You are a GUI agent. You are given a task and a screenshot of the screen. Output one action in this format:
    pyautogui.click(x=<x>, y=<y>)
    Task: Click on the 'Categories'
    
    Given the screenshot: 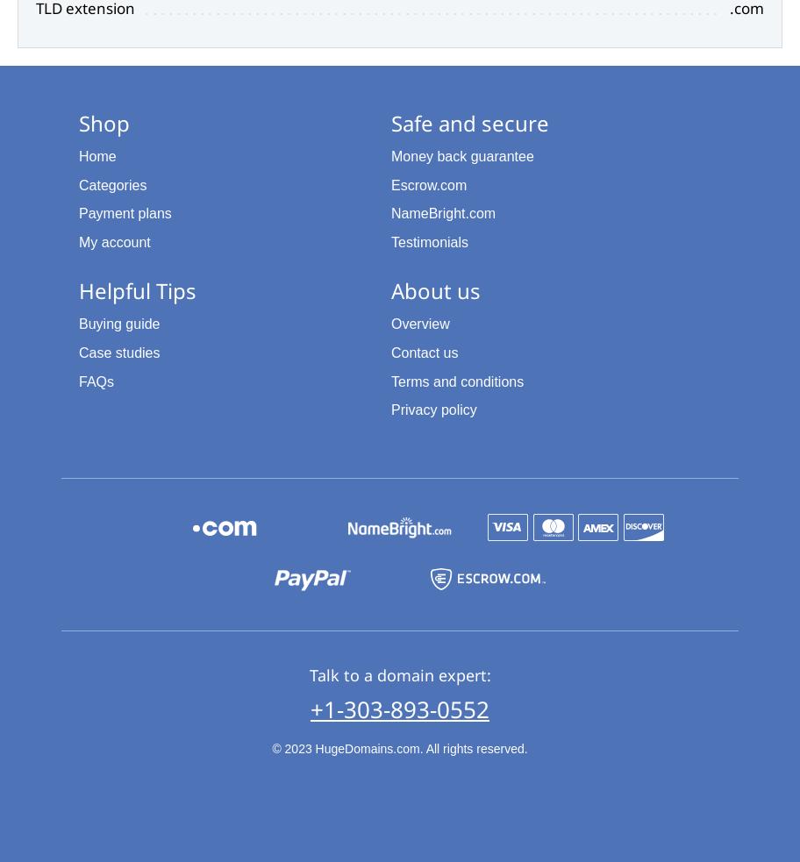 What is the action you would take?
    pyautogui.click(x=111, y=184)
    